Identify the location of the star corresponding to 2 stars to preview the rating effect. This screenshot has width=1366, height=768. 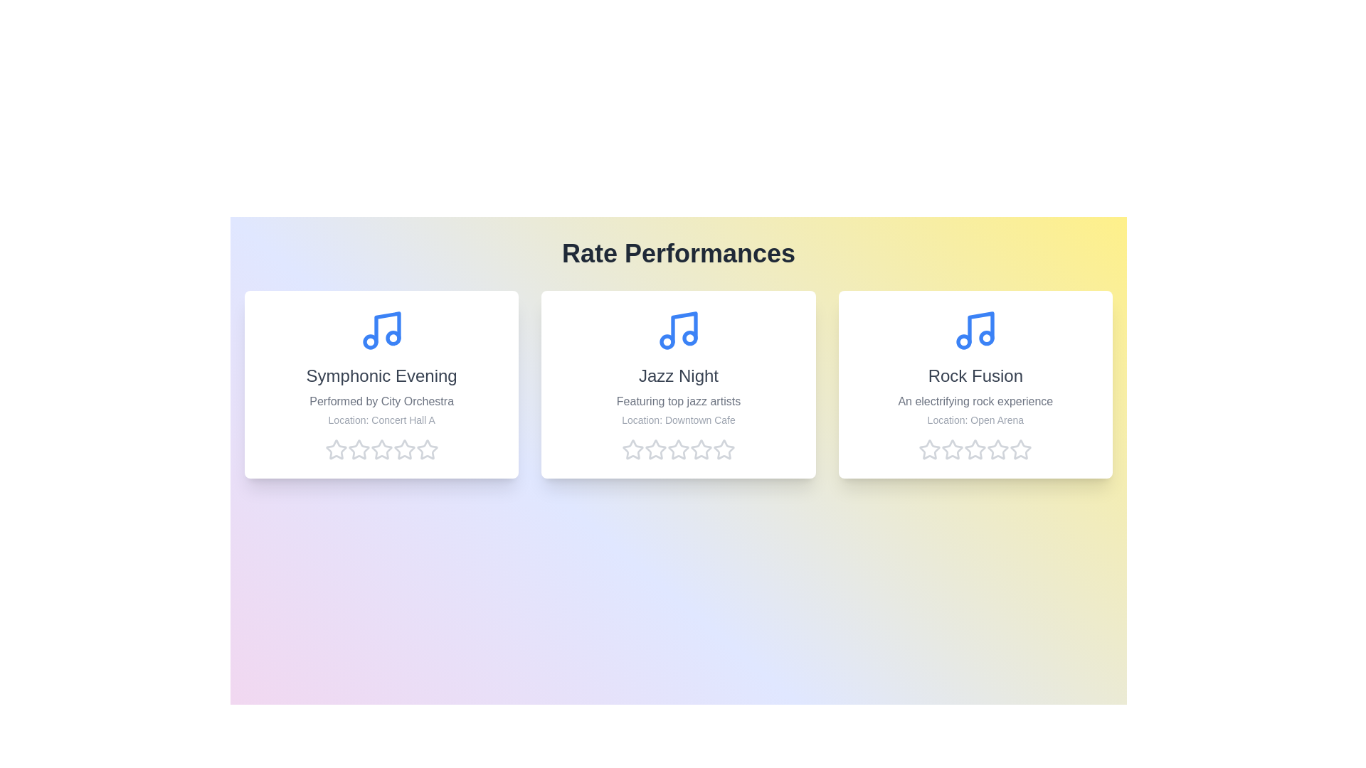
(359, 449).